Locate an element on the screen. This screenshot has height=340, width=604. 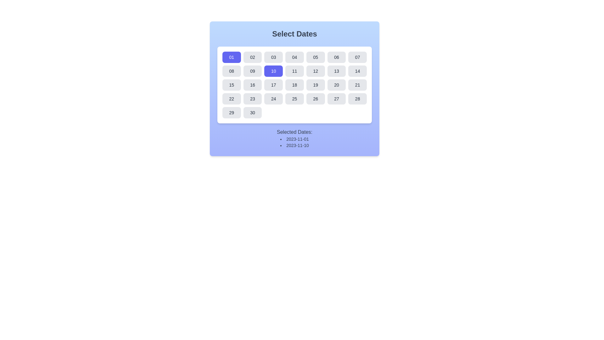
the button in the third row, first column of the grid layout within the white card interface is located at coordinates (231, 85).